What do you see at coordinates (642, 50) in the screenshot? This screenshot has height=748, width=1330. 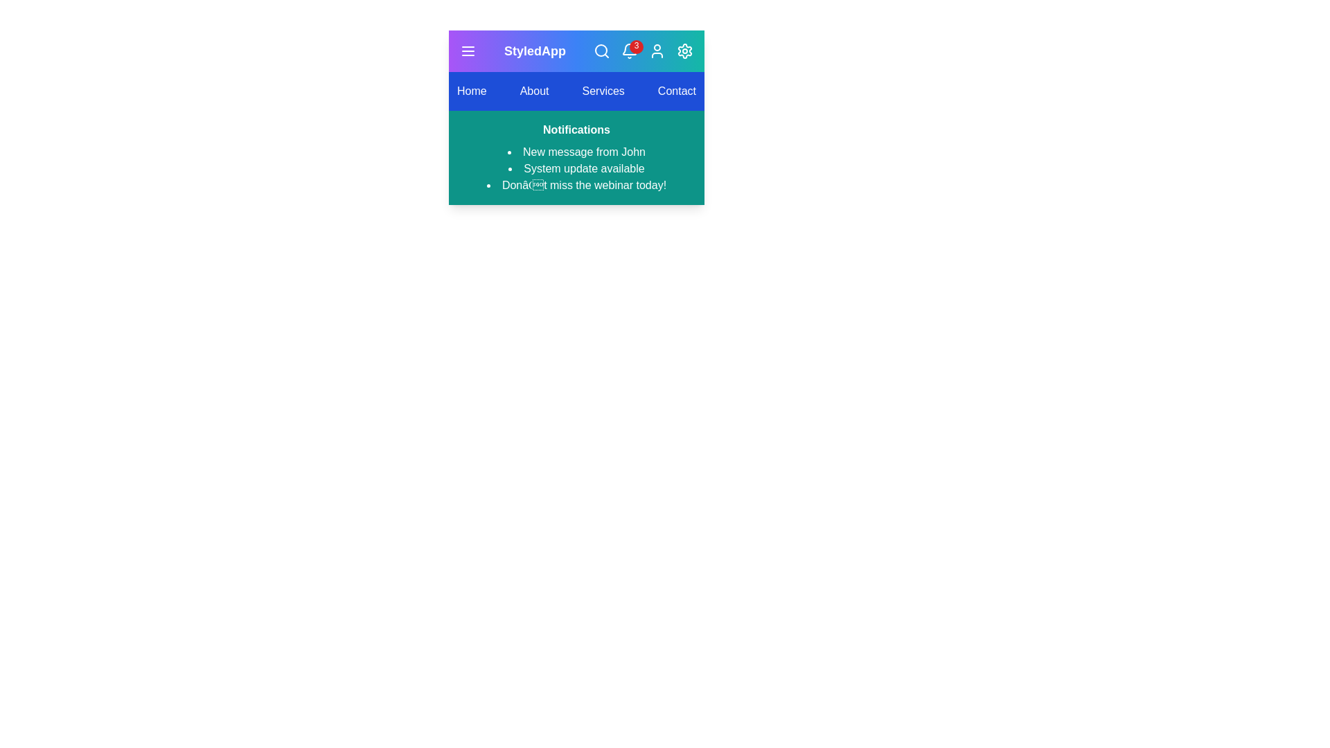 I see `the number of unread notifications displayed on the Notification Badge, which is located at the top-right corner of the notification bell icon in the top navigation bar` at bounding box center [642, 50].